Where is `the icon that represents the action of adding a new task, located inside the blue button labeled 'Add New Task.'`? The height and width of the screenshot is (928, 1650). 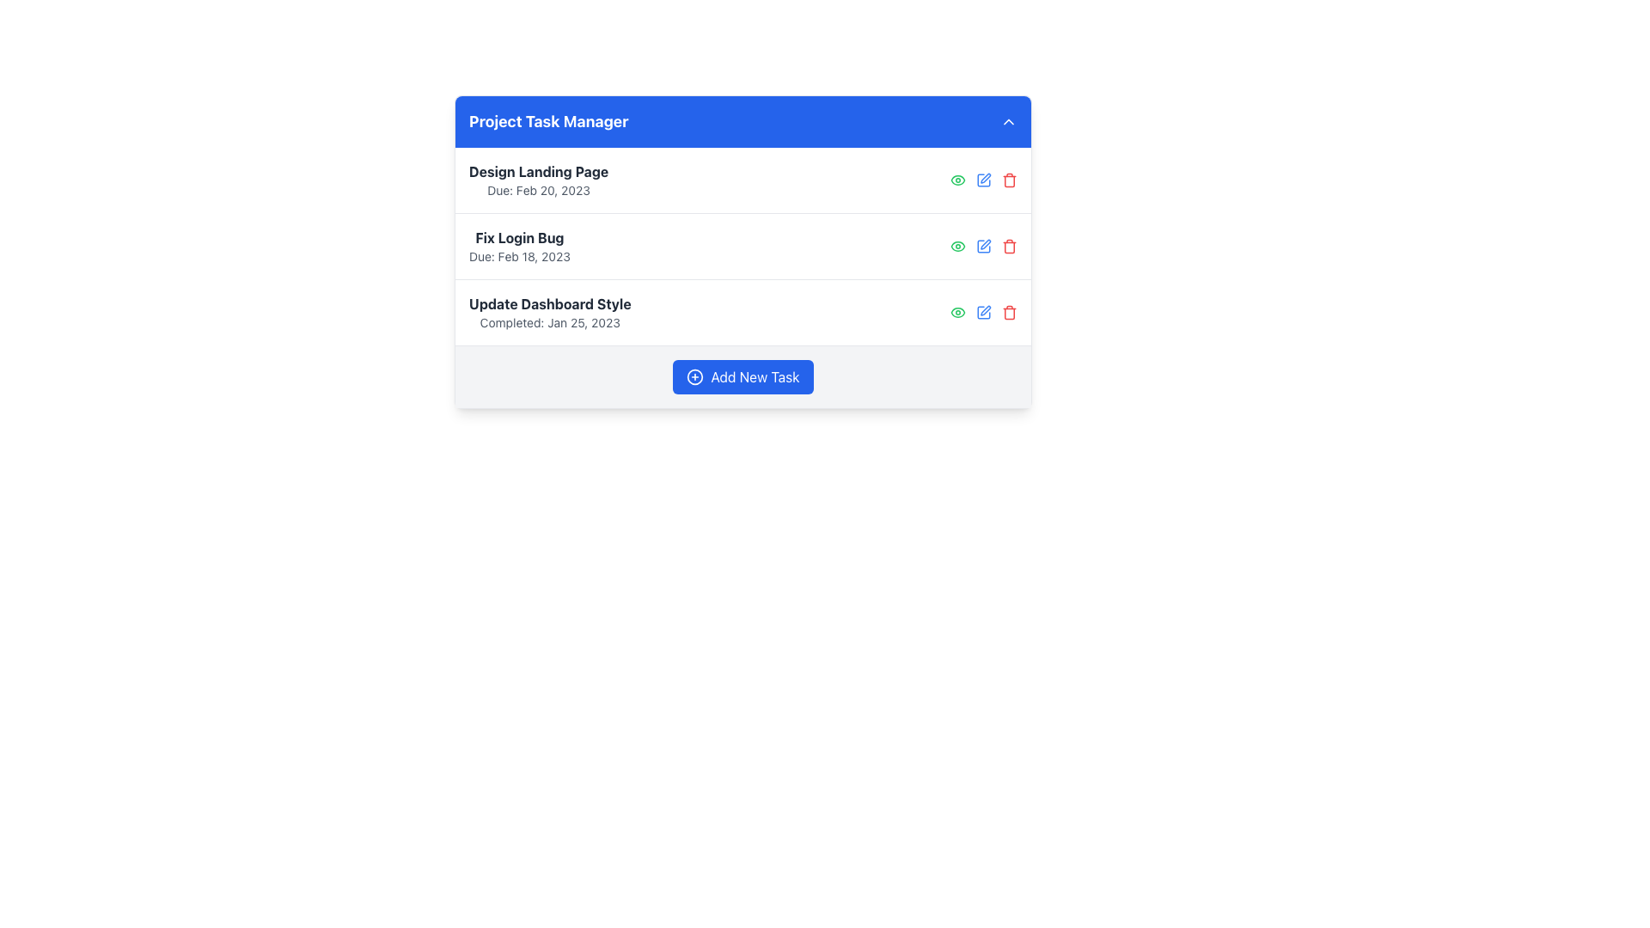
the icon that represents the action of adding a new task, located inside the blue button labeled 'Add New Task.' is located at coordinates (695, 376).